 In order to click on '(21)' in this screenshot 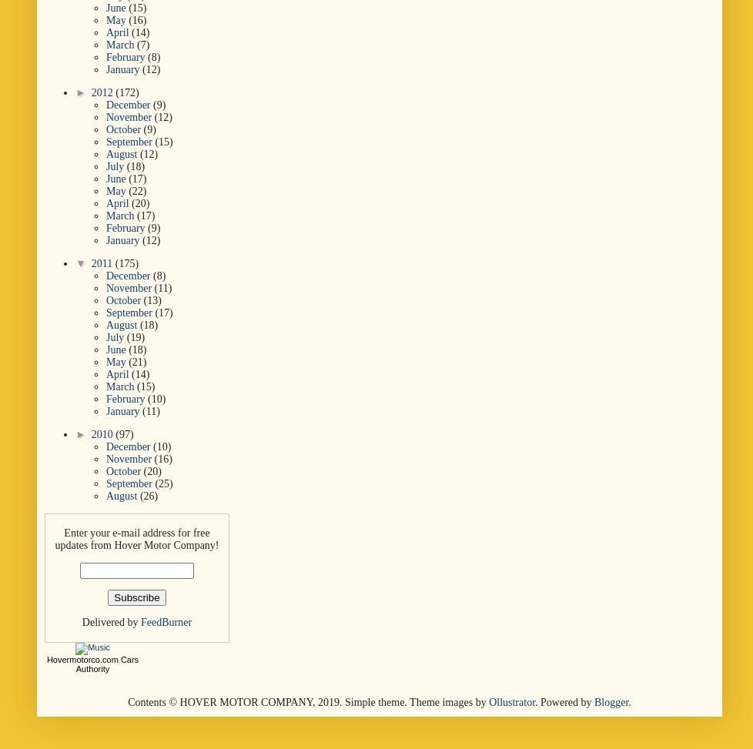, I will do `click(137, 361)`.